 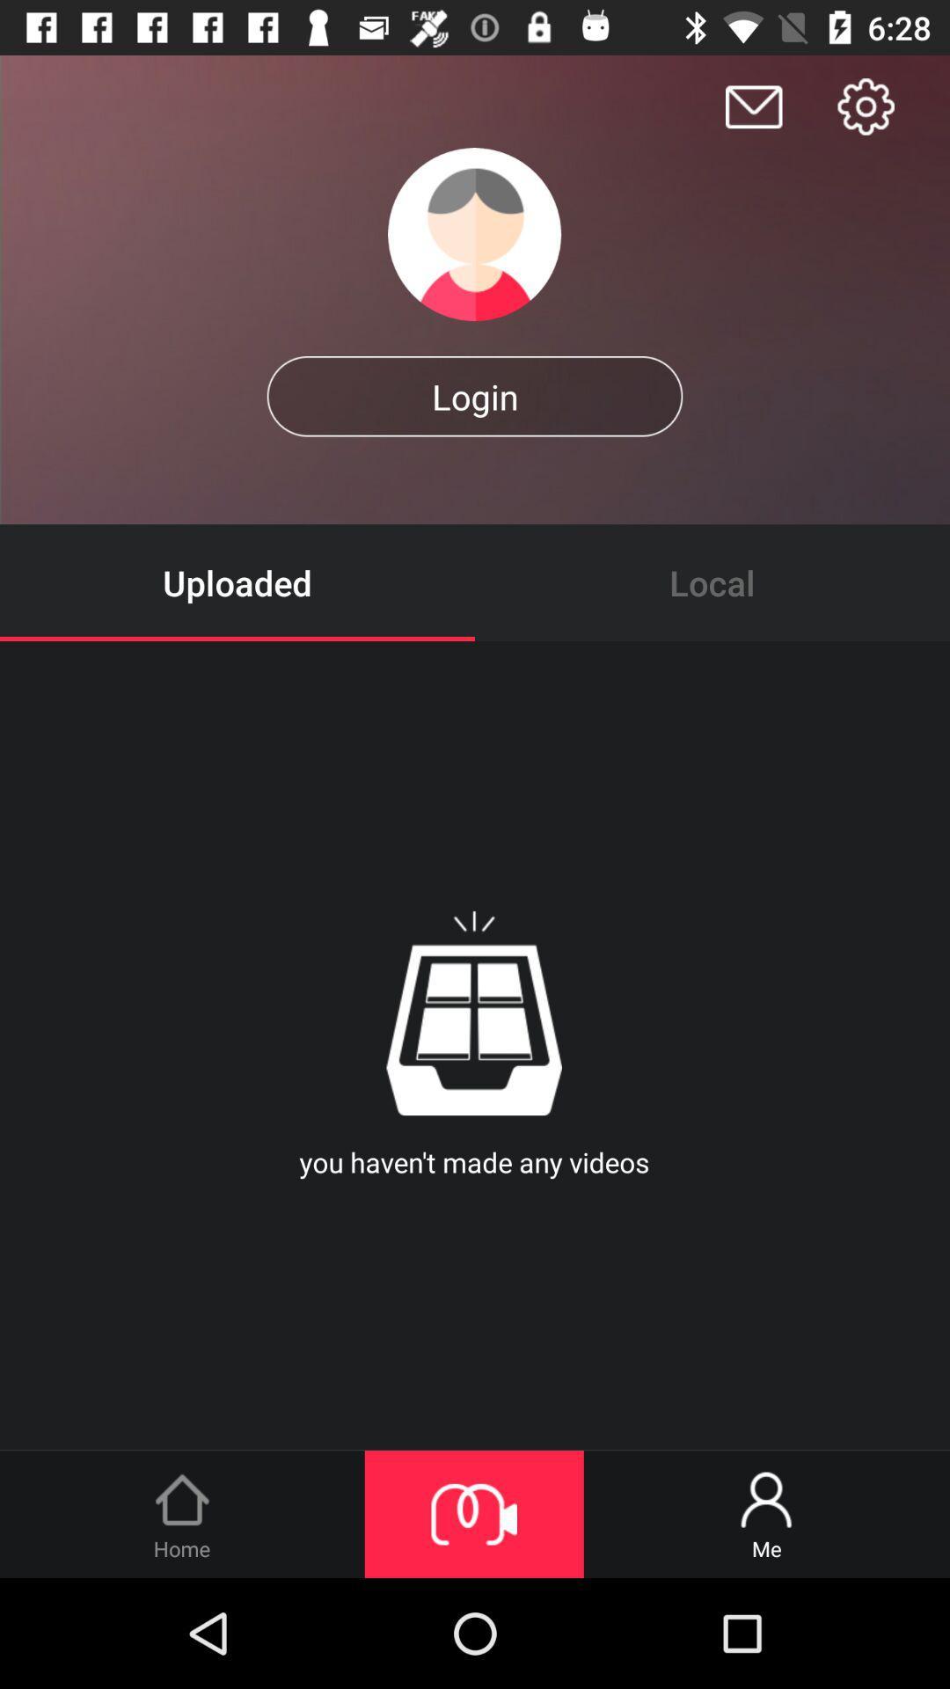 I want to click on settings, so click(x=865, y=106).